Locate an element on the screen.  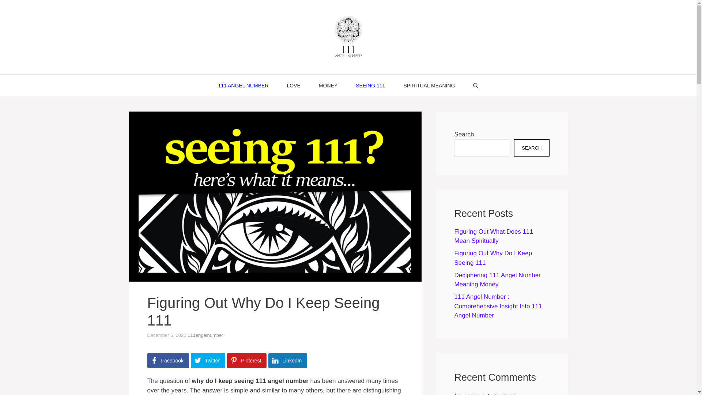
'Twitter' is located at coordinates (191, 360).